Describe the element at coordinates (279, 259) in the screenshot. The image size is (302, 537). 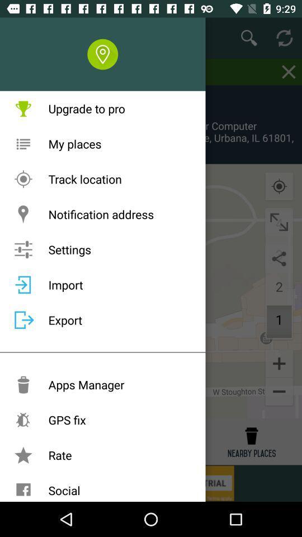
I see `the share icon` at that location.